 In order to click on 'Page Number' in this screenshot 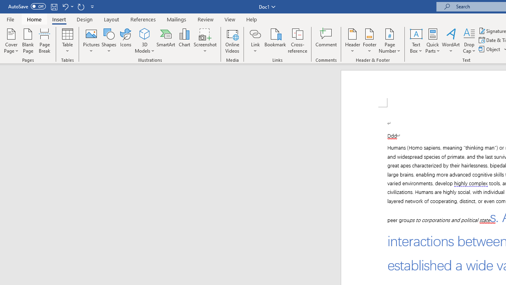, I will do `click(390, 41)`.